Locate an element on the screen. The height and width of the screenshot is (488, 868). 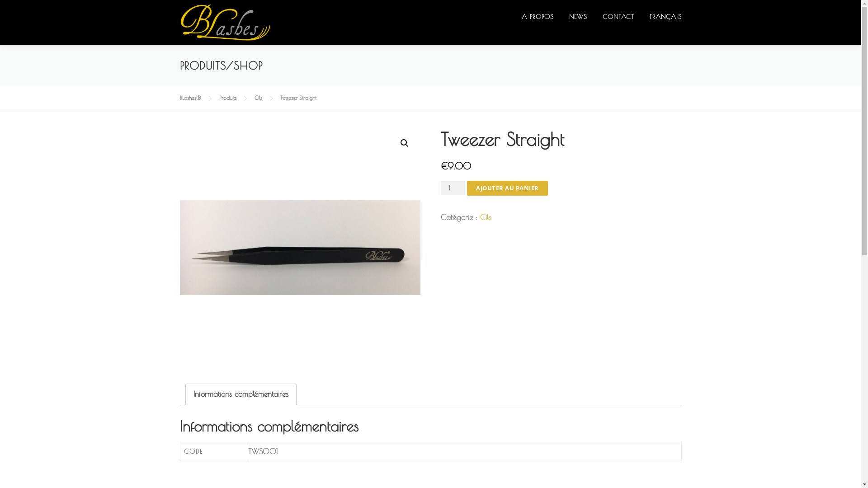
'Produits' is located at coordinates (227, 98).